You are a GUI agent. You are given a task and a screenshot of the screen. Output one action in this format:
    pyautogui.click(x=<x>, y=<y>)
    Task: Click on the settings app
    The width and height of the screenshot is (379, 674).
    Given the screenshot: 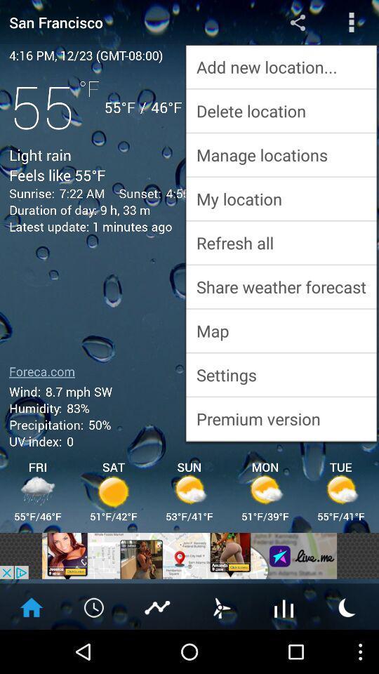 What is the action you would take?
    pyautogui.click(x=281, y=374)
    